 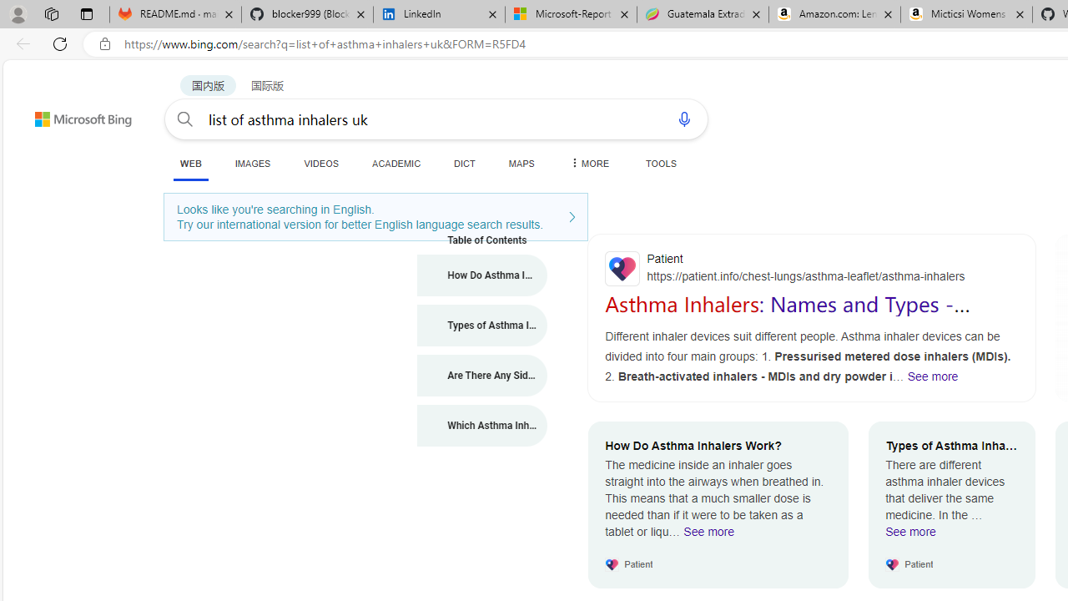 I want to click on 'Which Asthma Inhaler Device Should I use?', so click(x=481, y=425).